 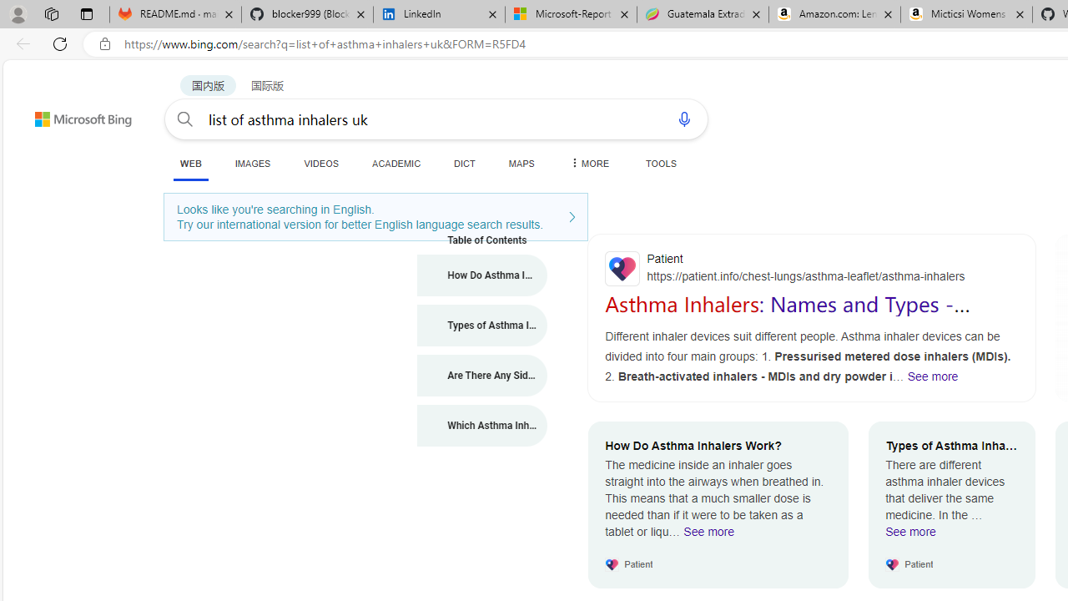 I want to click on 'Which Asthma Inhaler Device Should I use?', so click(x=481, y=425).